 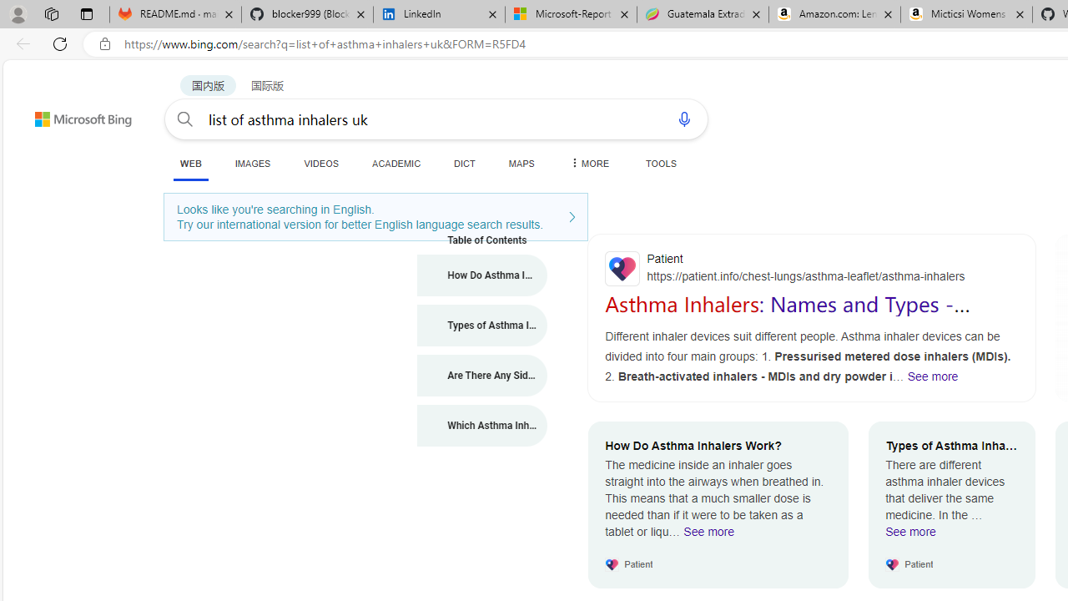 I want to click on 'Which Asthma Inhaler Device Should I use?', so click(x=481, y=425).